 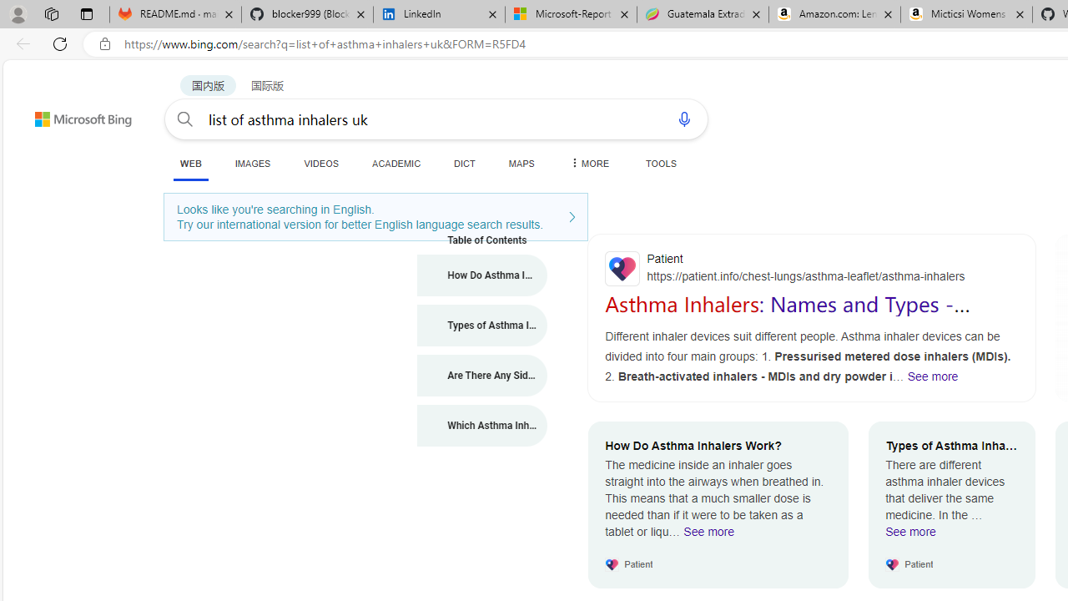 I want to click on 'Which Asthma Inhaler Device Should I use?', so click(x=481, y=425).